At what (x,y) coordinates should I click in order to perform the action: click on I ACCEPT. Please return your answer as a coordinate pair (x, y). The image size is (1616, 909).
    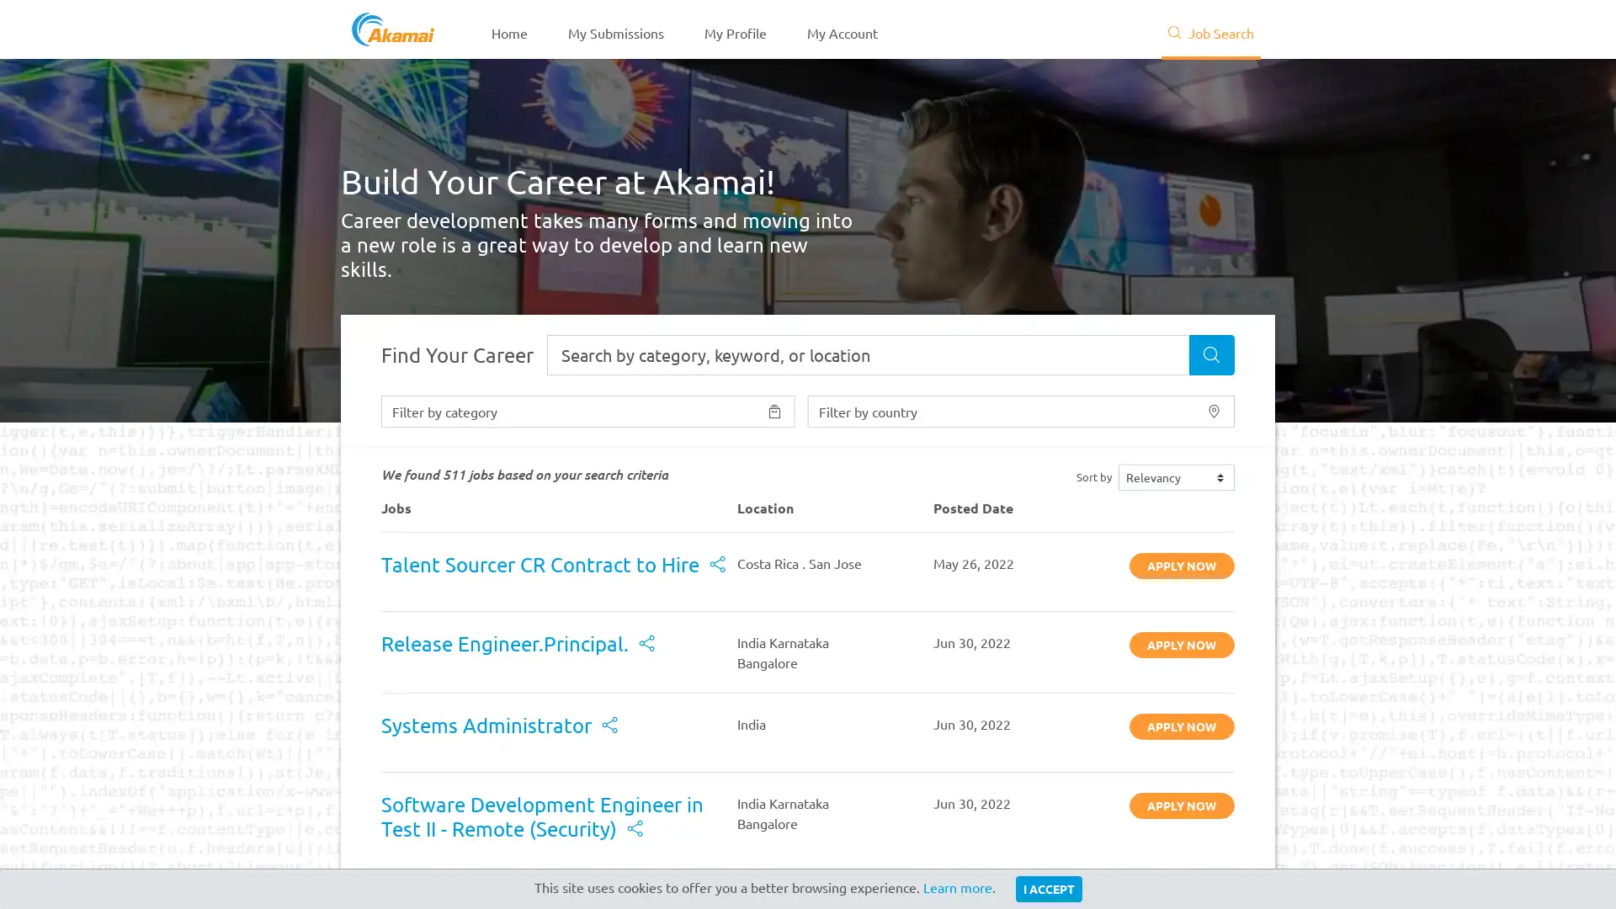
    Looking at the image, I should click on (1047, 888).